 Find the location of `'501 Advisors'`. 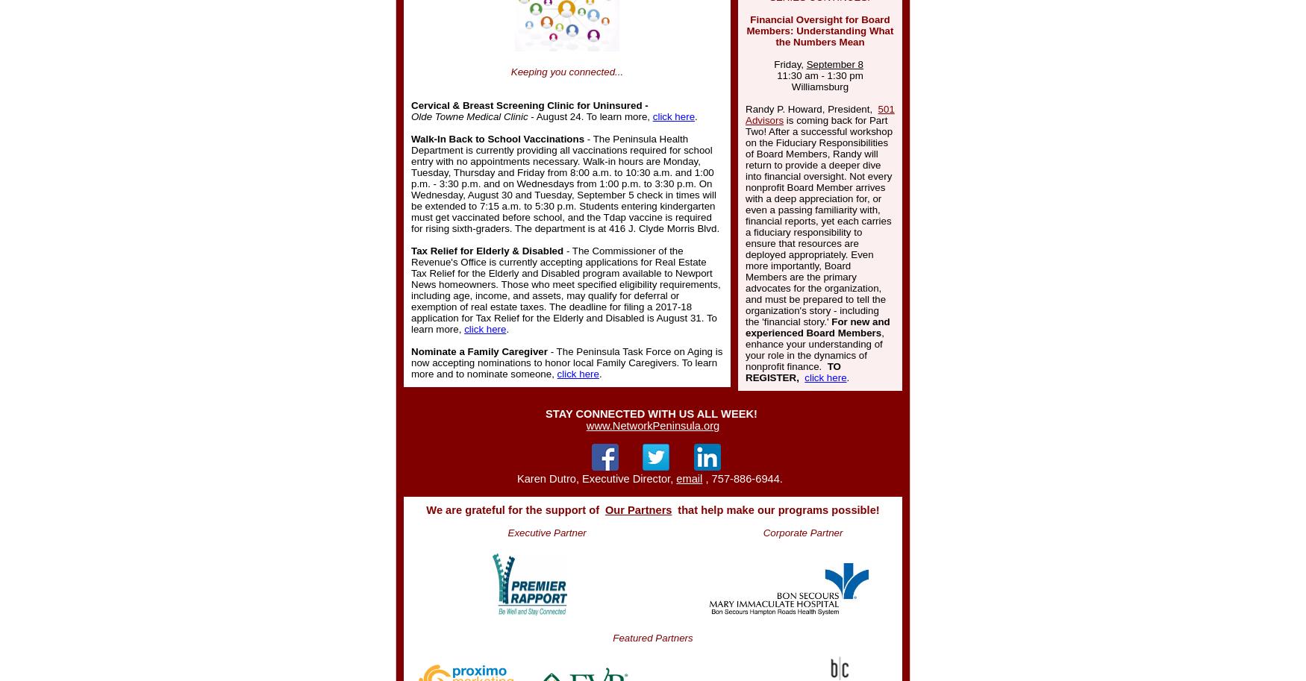

'501 Advisors' is located at coordinates (819, 114).